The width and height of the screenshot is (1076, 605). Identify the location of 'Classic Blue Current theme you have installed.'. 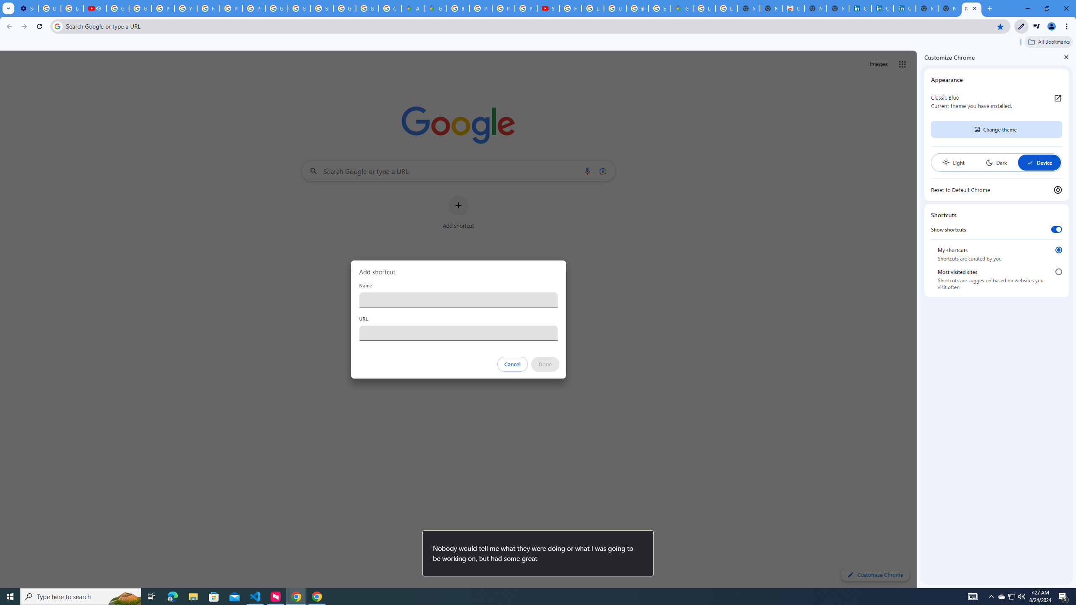
(996, 101).